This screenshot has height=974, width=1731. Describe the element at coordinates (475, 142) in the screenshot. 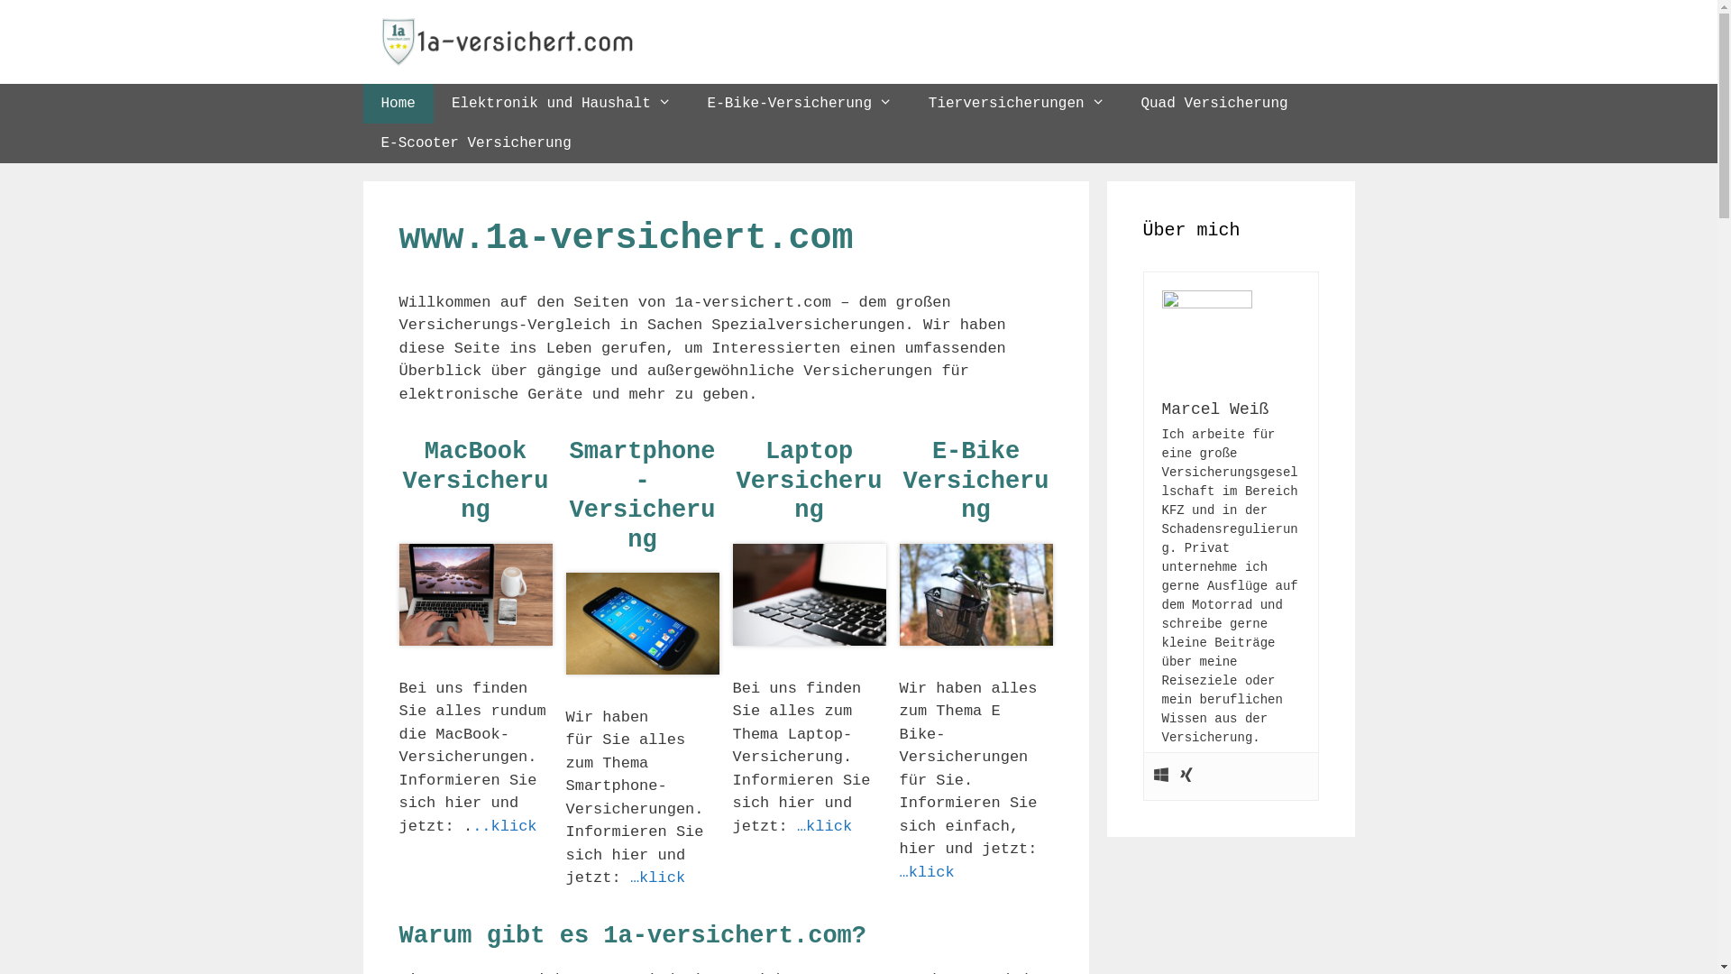

I see `'E-Scooter Versicherung'` at that location.